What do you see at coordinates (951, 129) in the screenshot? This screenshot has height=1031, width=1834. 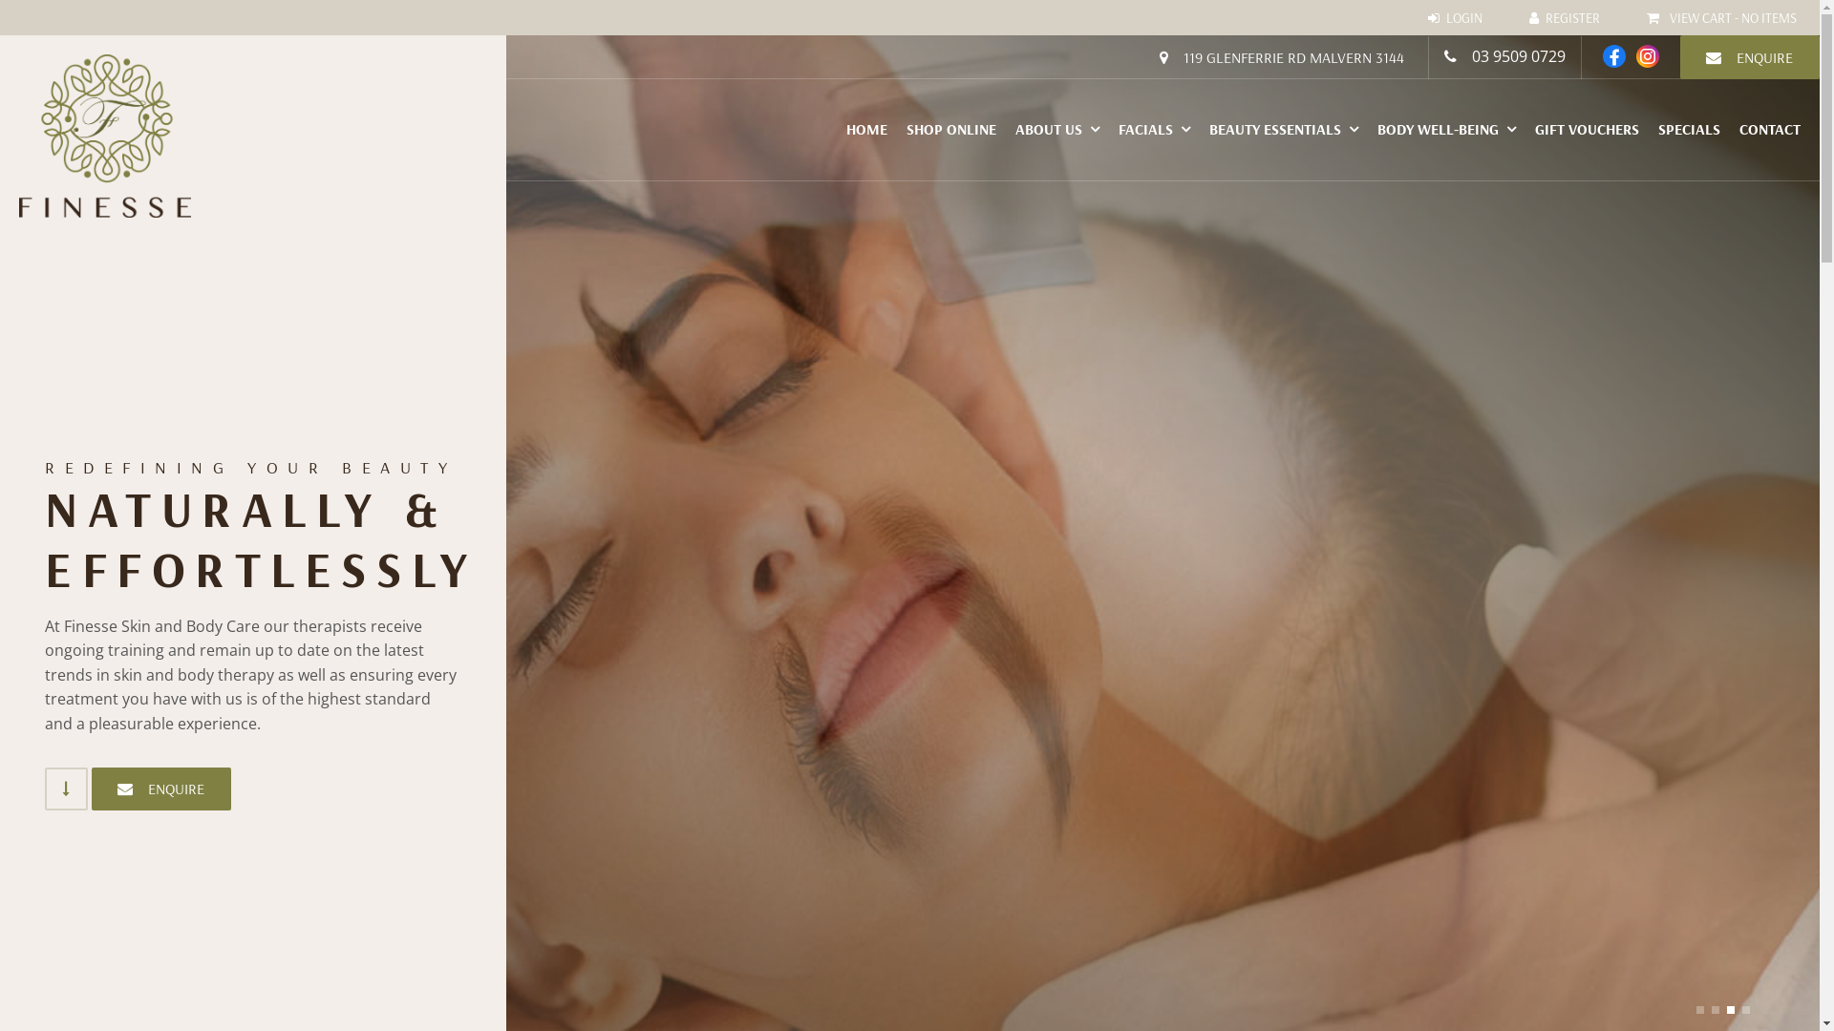 I see `'SHOP ONLINE'` at bounding box center [951, 129].